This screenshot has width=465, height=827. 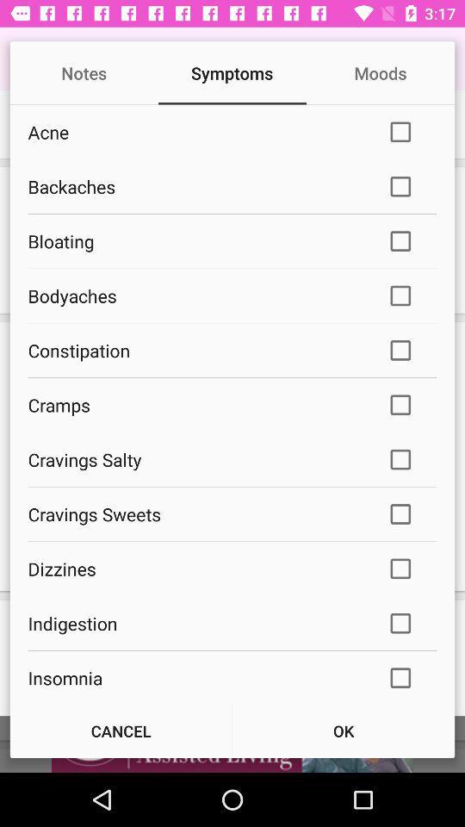 What do you see at coordinates (195, 186) in the screenshot?
I see `icon below the acne` at bounding box center [195, 186].